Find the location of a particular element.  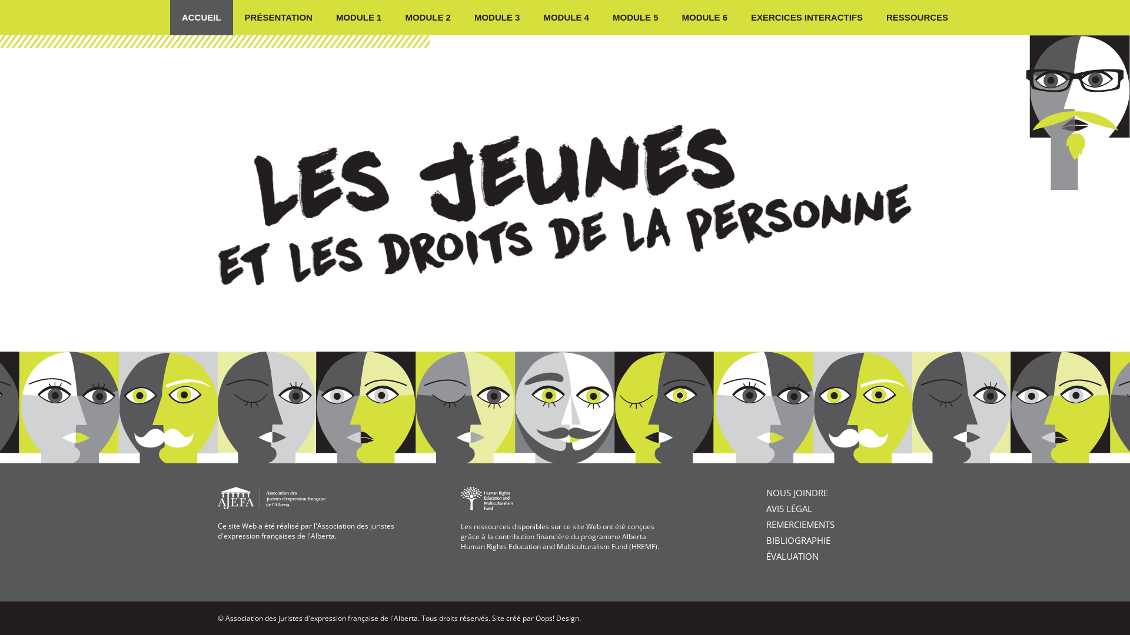

'NOUS JOINDRE' is located at coordinates (797, 492).